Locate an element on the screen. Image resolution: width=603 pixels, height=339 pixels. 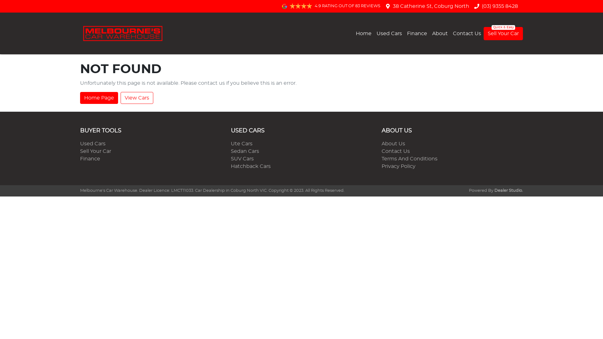
'About' is located at coordinates (440, 33).